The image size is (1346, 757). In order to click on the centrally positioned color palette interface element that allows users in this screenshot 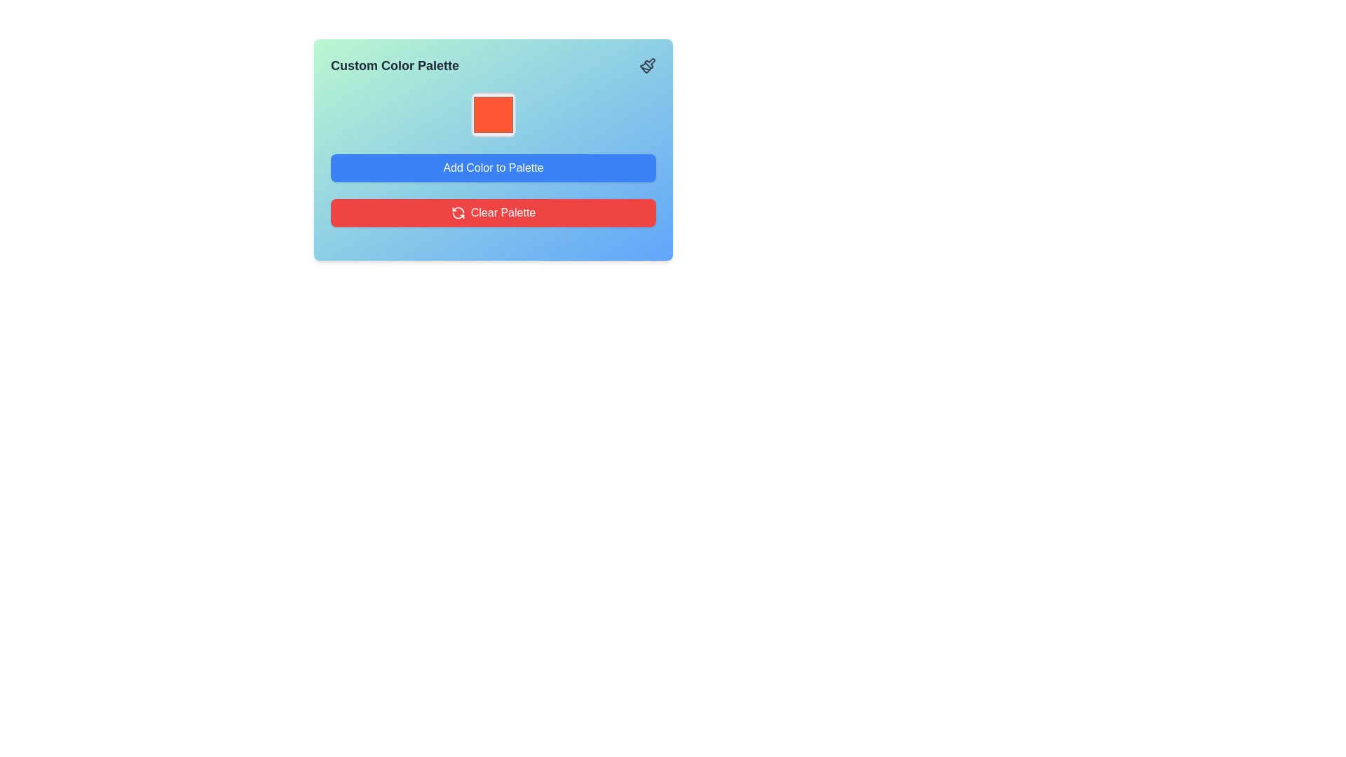, I will do `click(494, 149)`.